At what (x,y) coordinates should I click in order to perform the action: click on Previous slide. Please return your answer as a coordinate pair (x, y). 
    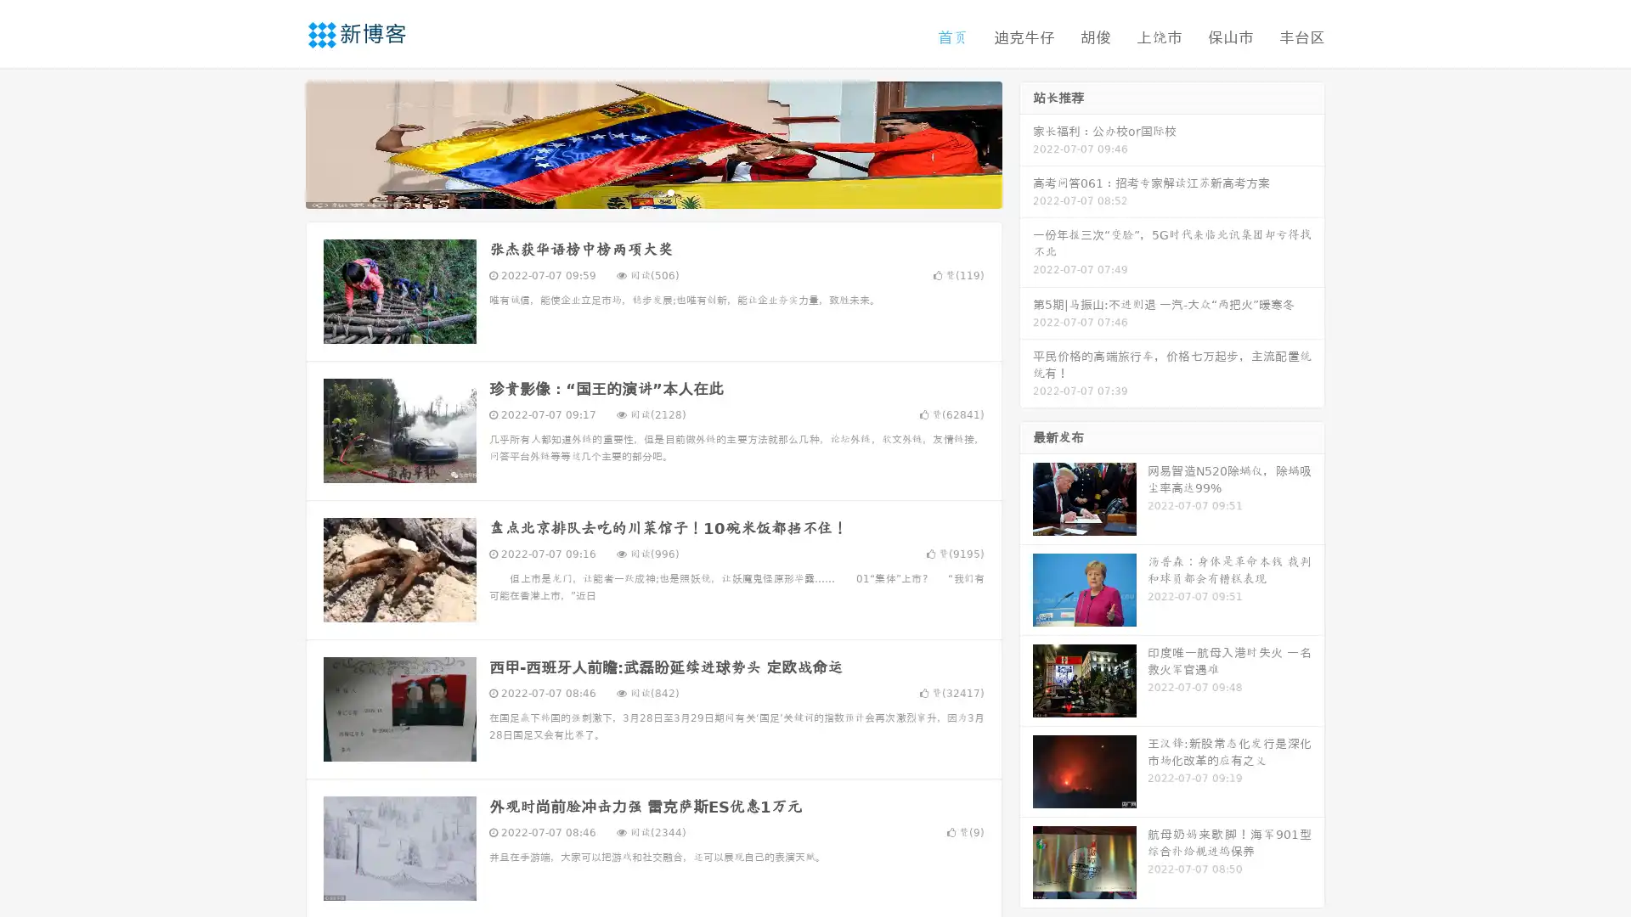
    Looking at the image, I should click on (280, 143).